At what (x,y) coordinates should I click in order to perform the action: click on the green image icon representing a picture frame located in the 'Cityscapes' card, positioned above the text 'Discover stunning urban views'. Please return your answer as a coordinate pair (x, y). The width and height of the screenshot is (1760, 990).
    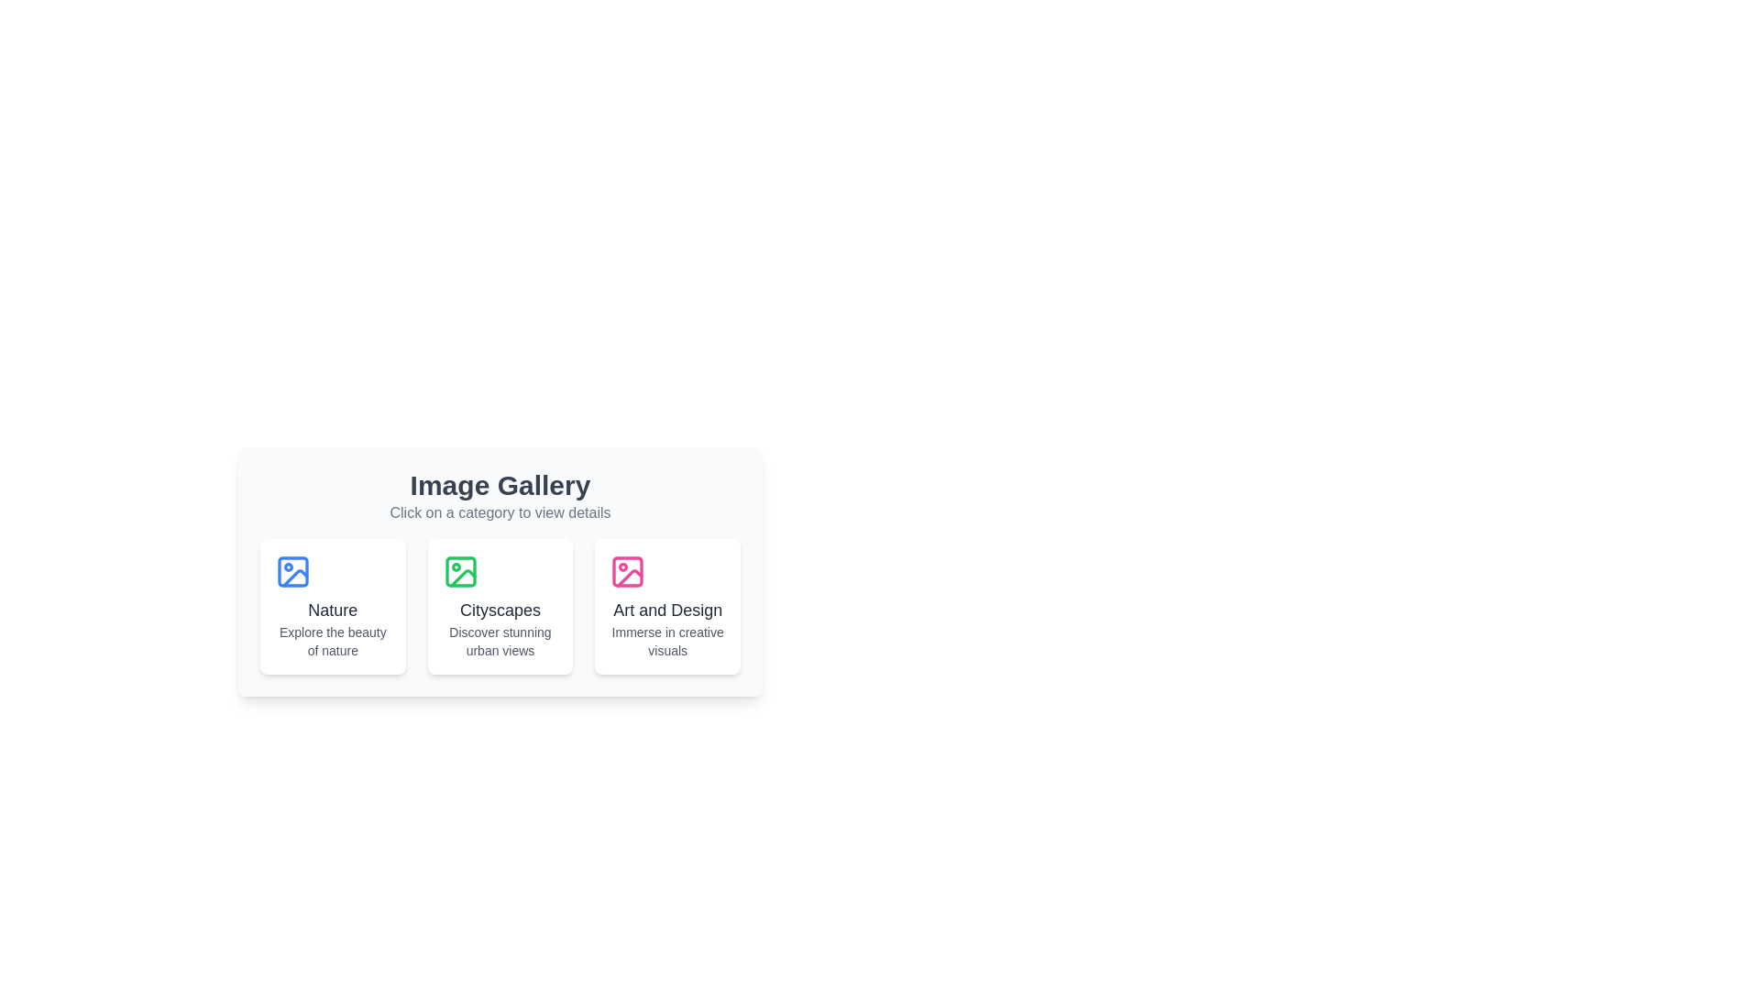
    Looking at the image, I should click on (460, 571).